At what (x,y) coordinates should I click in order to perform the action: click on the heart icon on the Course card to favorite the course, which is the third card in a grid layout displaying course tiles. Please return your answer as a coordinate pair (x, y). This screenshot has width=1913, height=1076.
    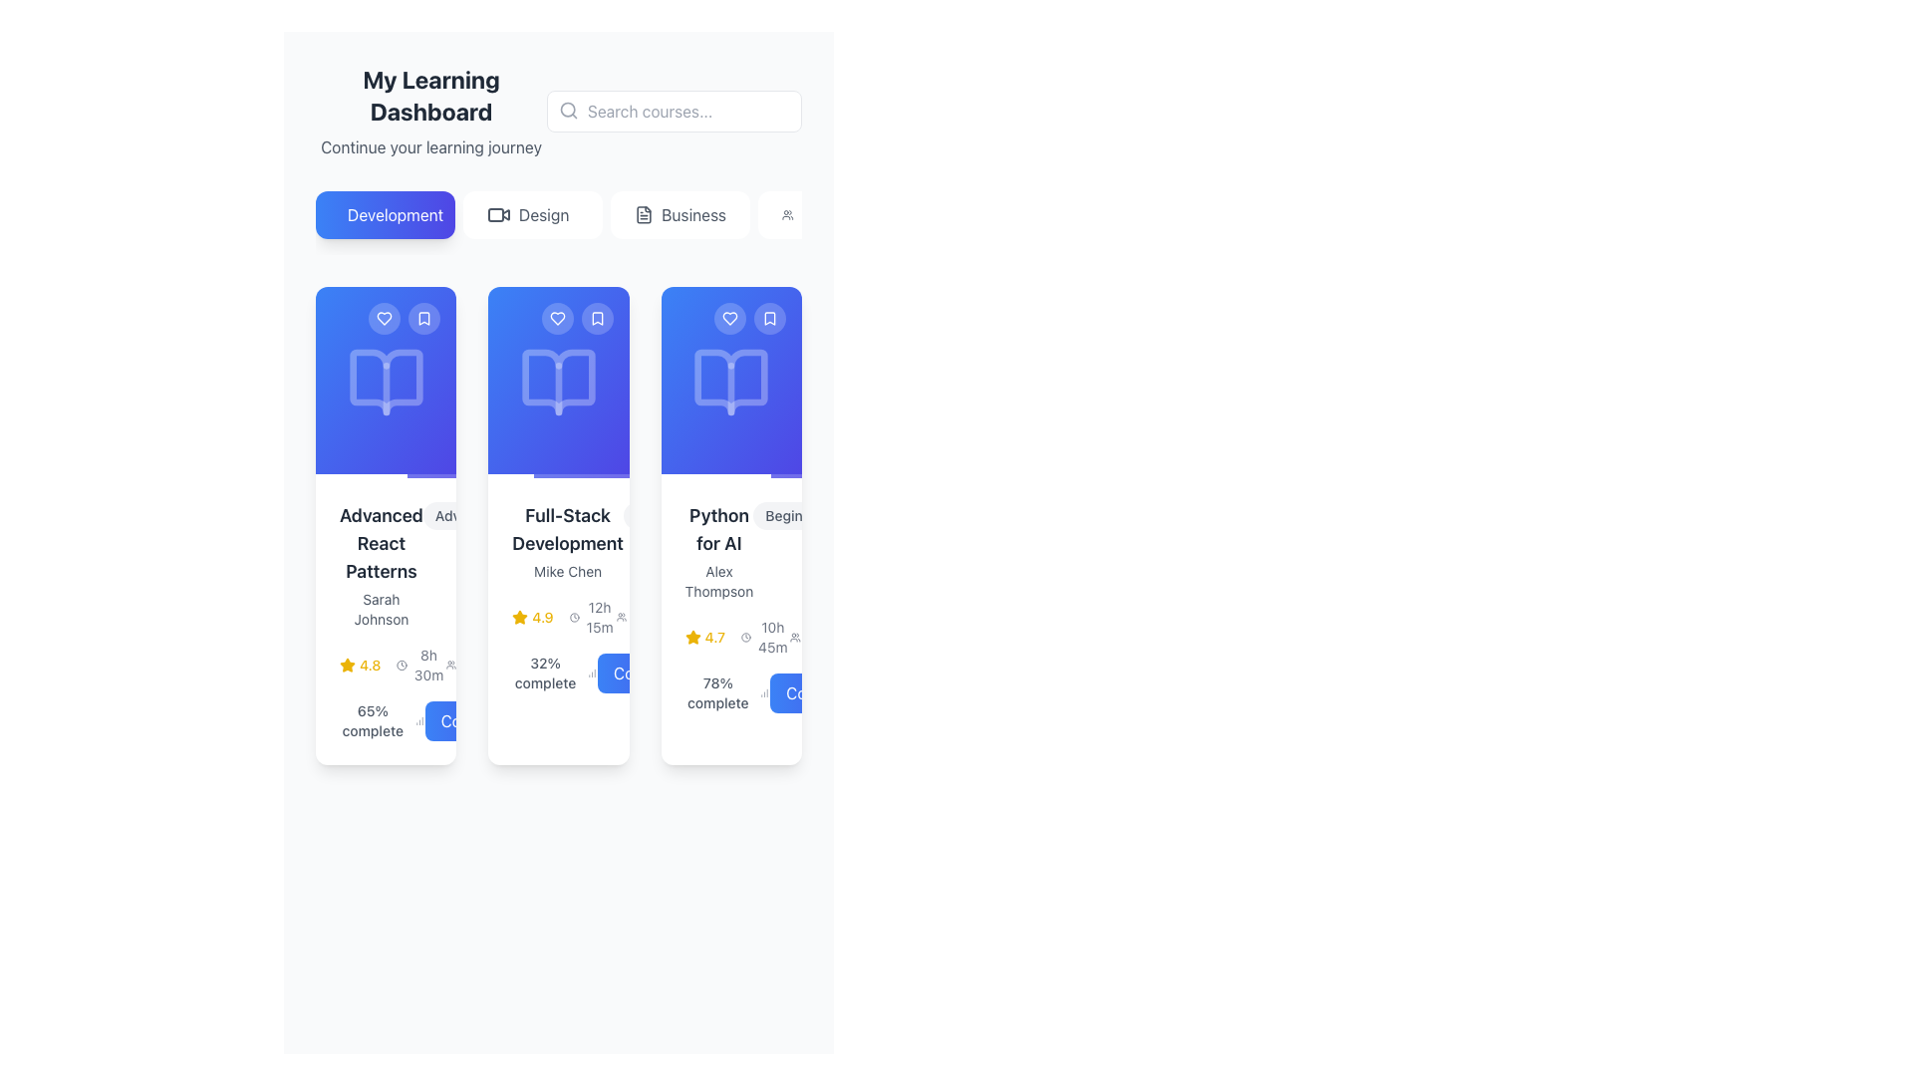
    Looking at the image, I should click on (730, 525).